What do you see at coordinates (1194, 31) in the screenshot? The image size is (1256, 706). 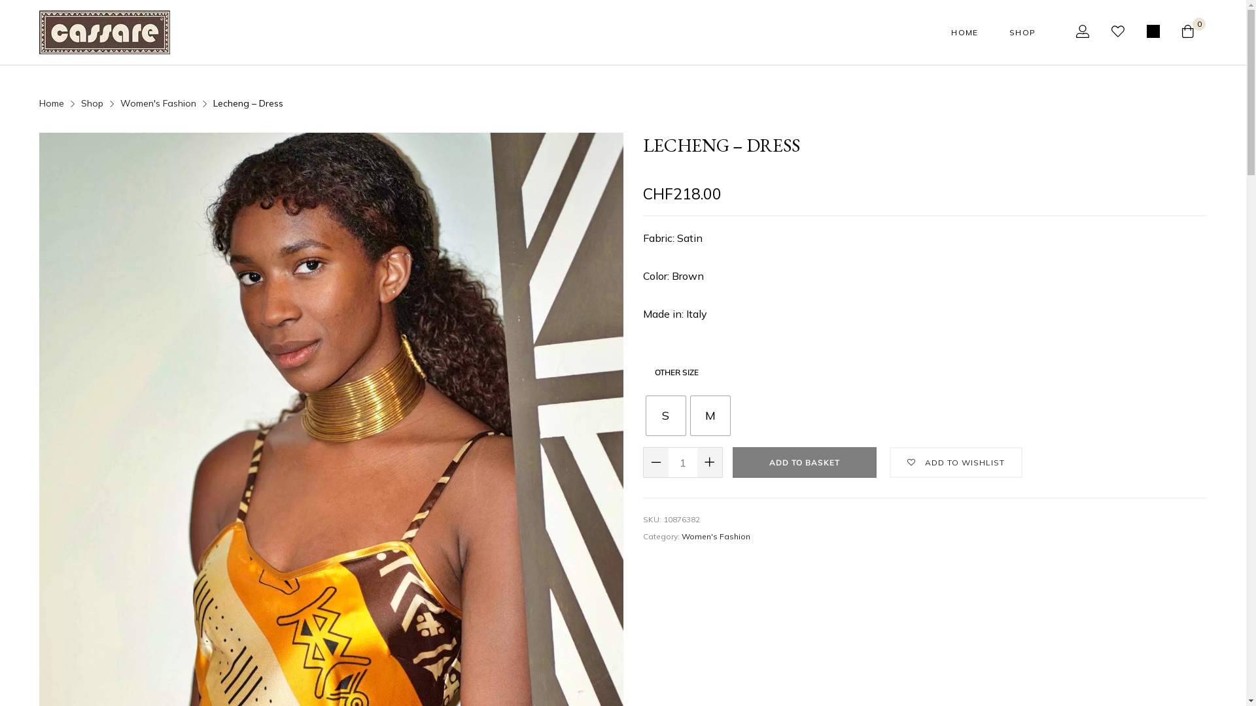 I see `'0'` at bounding box center [1194, 31].